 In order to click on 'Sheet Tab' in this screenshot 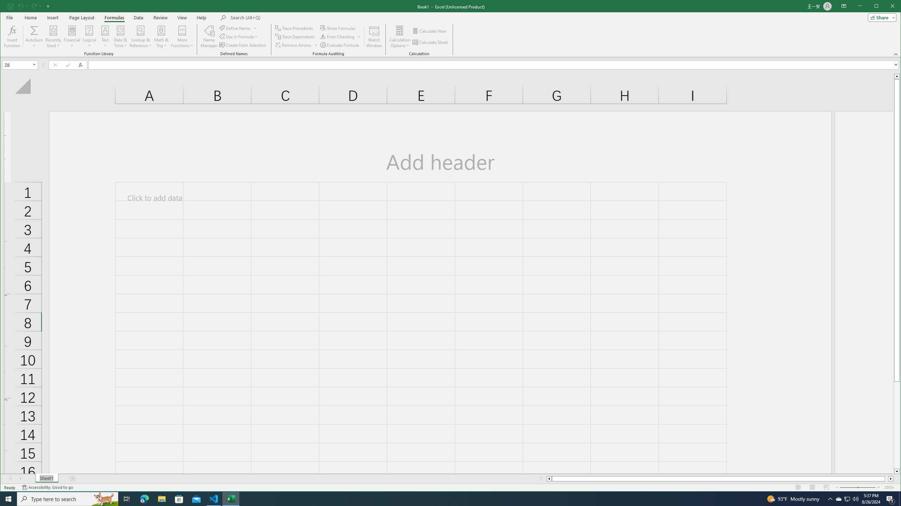, I will do `click(47, 479)`.